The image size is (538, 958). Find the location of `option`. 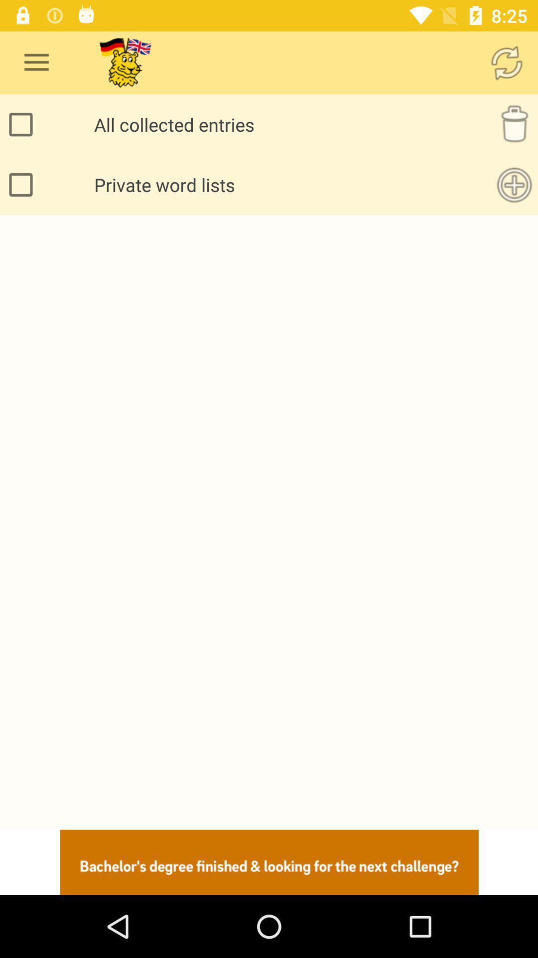

option is located at coordinates (514, 185).